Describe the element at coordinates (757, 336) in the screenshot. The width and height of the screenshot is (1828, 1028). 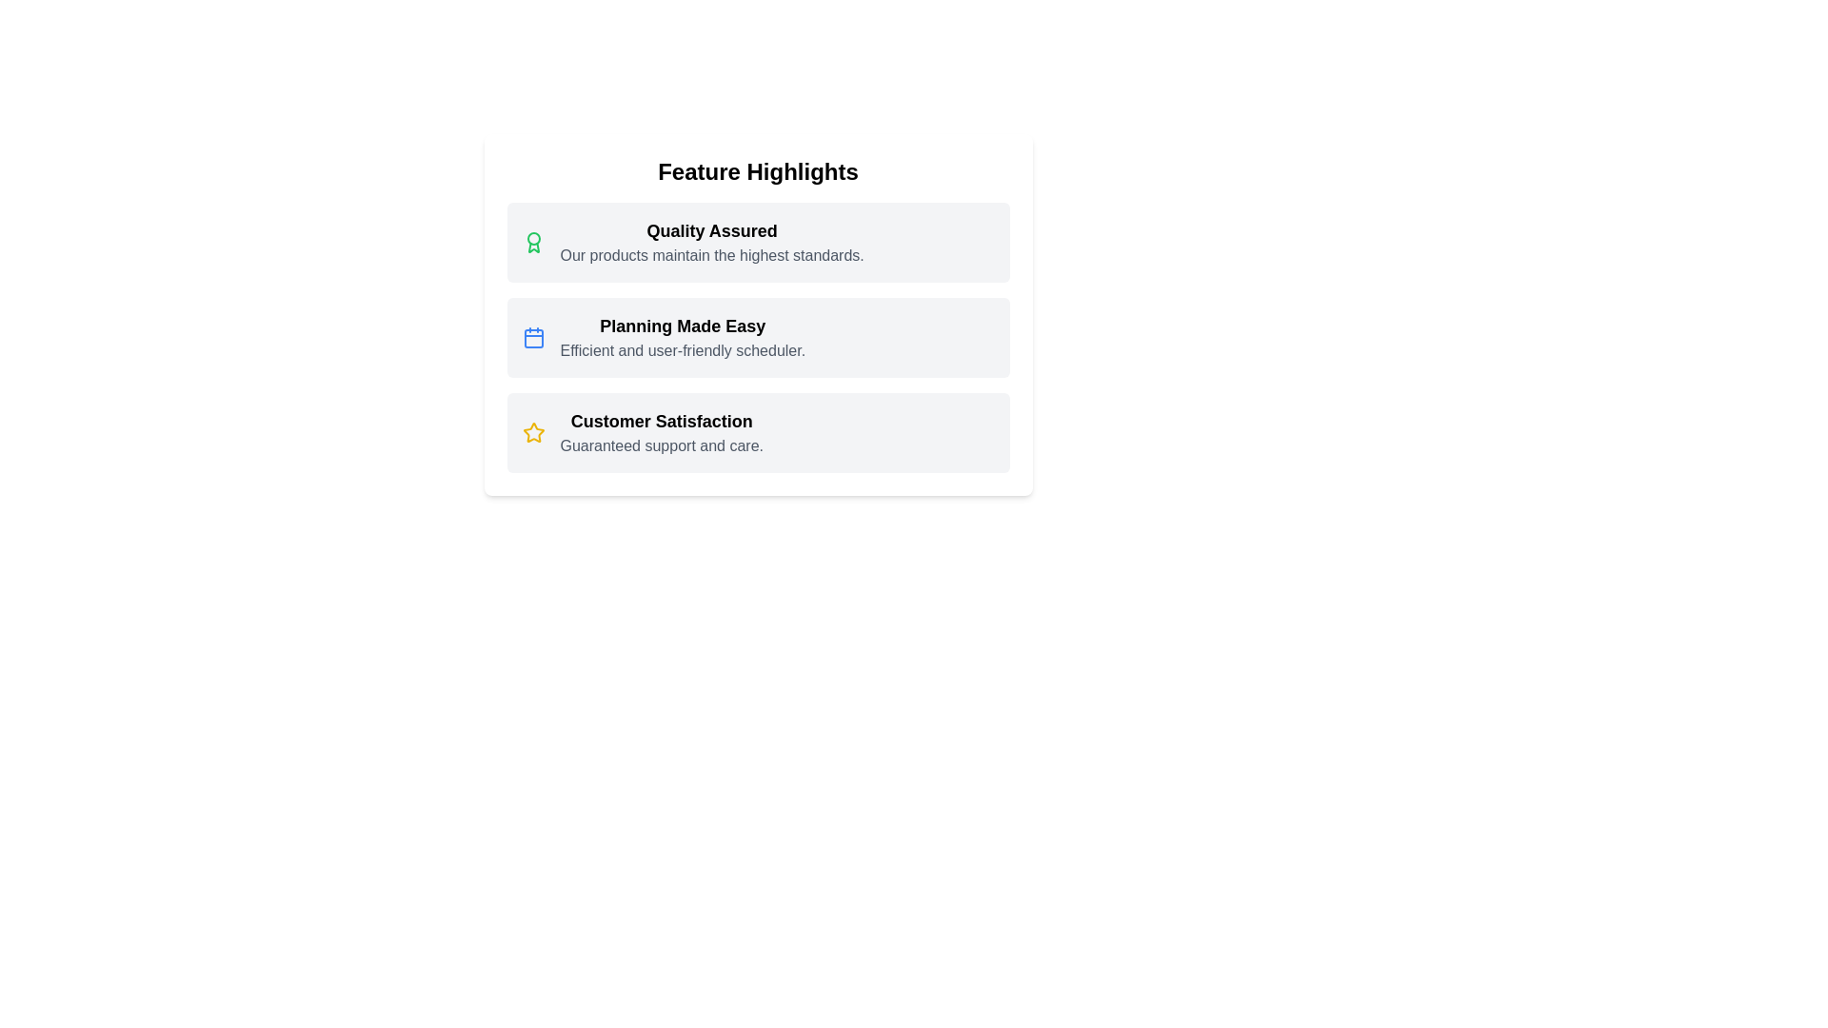
I see `the Informational Card that conveys information about the ease of planning facilitated by a scheduler, located between 'Quality Assured' and 'Customer Satisfaction' in the vertical list` at that location.